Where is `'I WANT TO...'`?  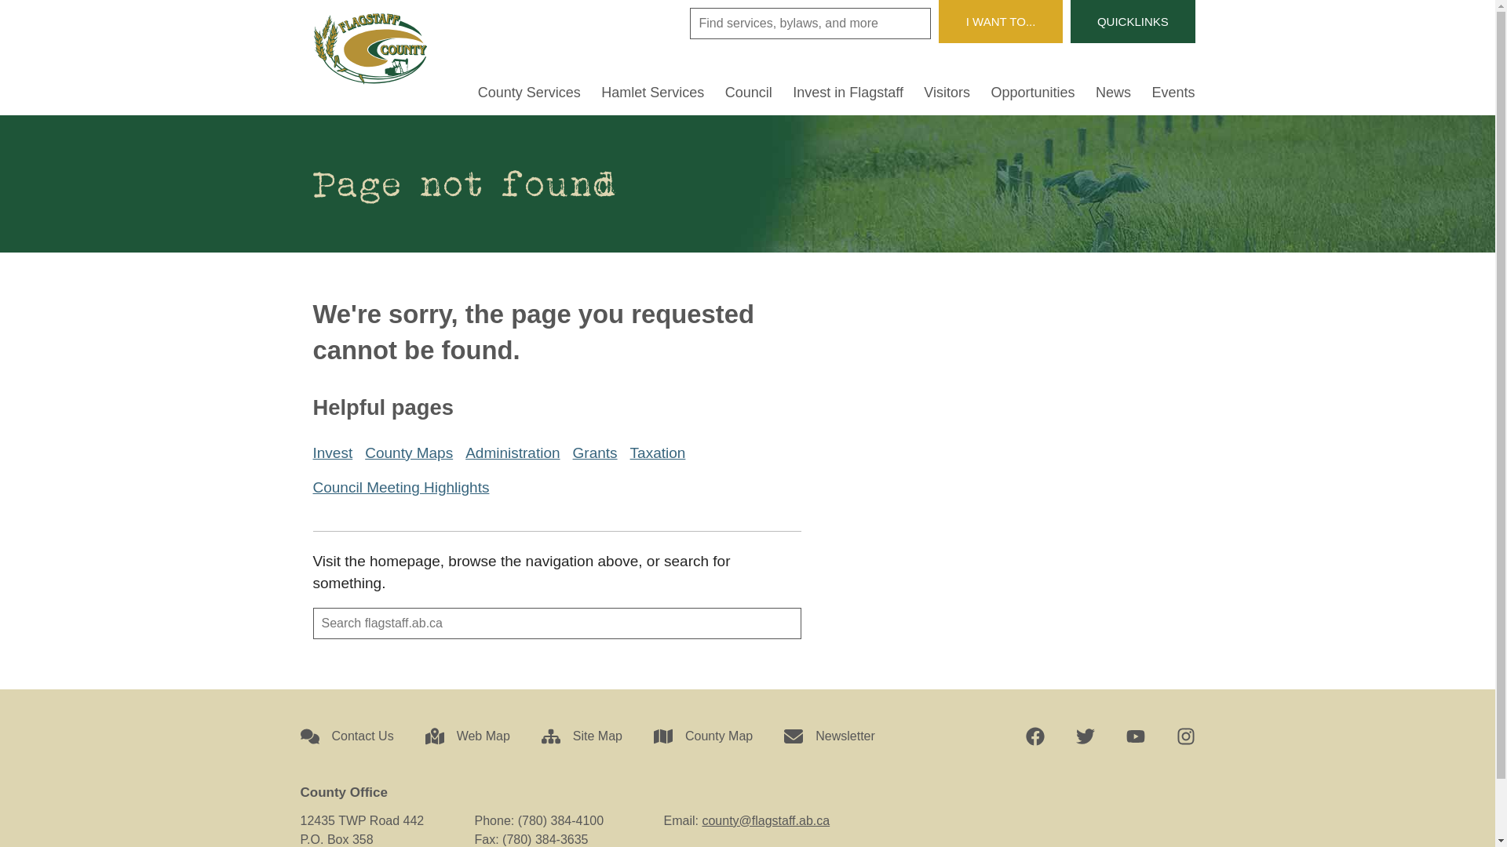
'I WANT TO...' is located at coordinates (1000, 21).